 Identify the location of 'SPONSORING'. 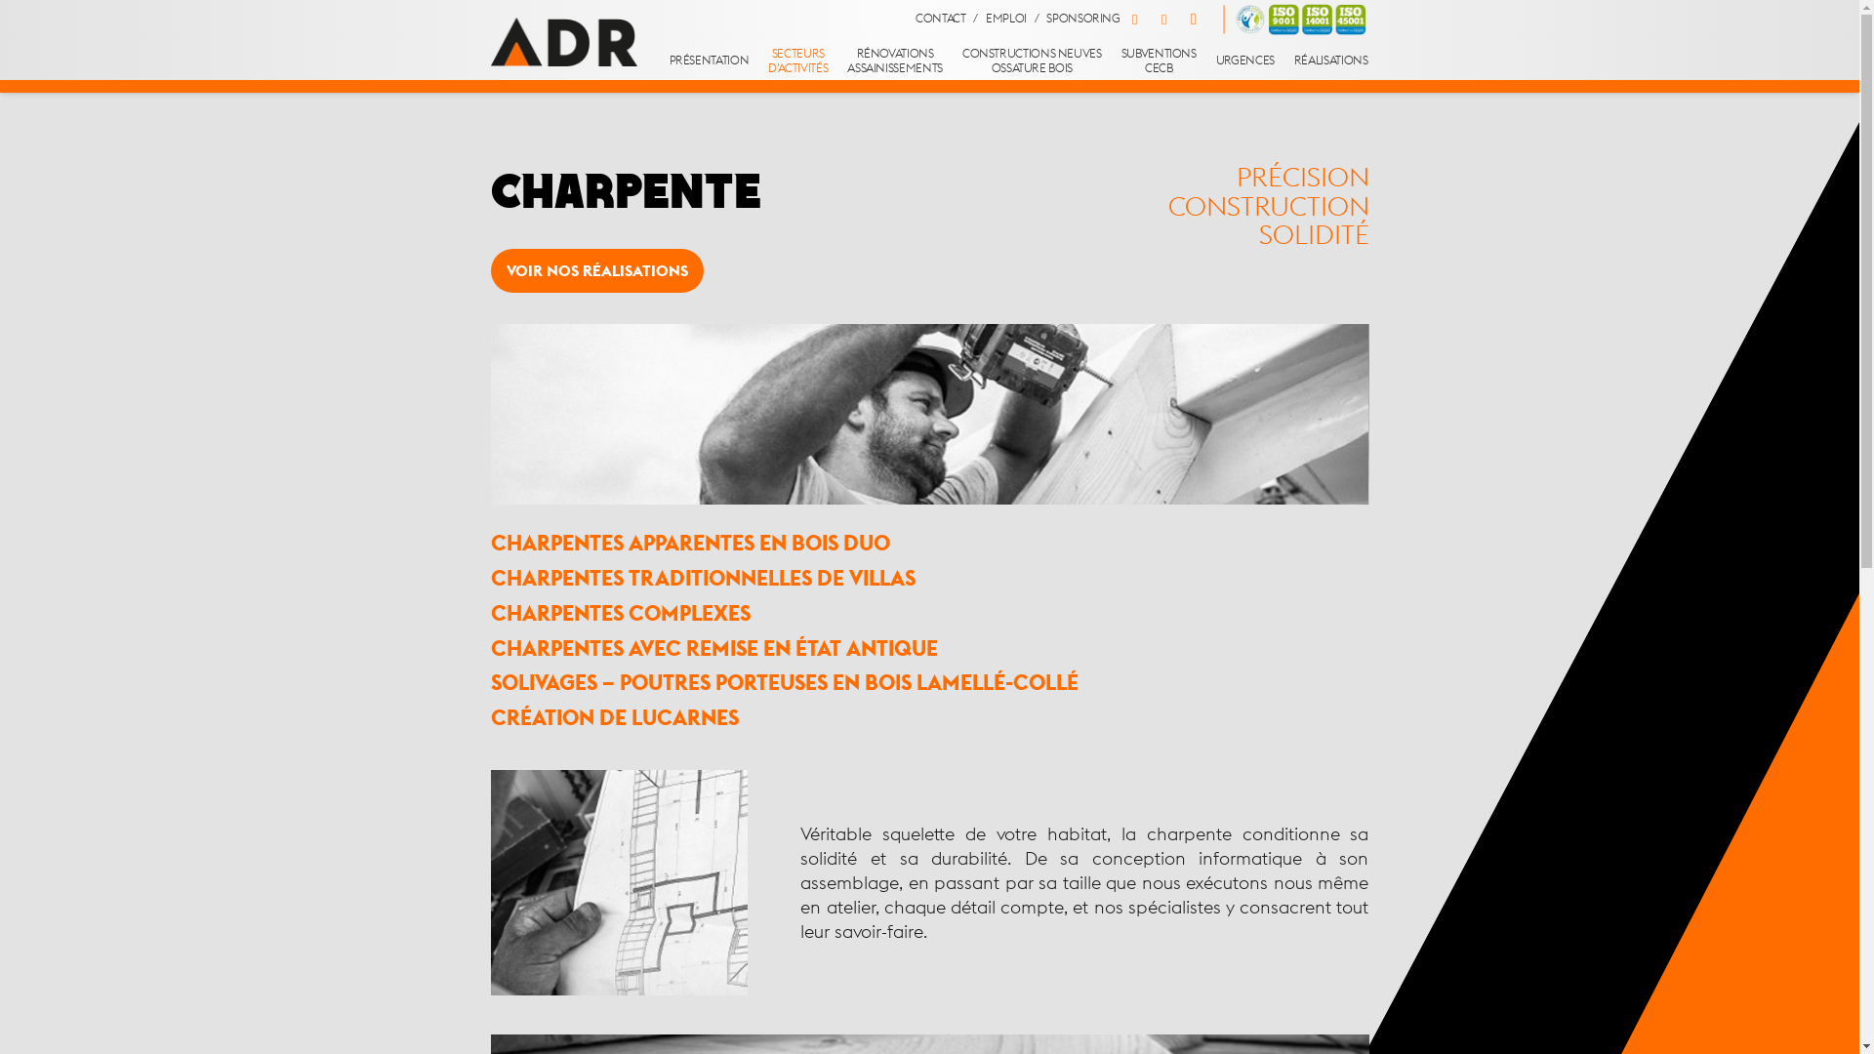
(1081, 19).